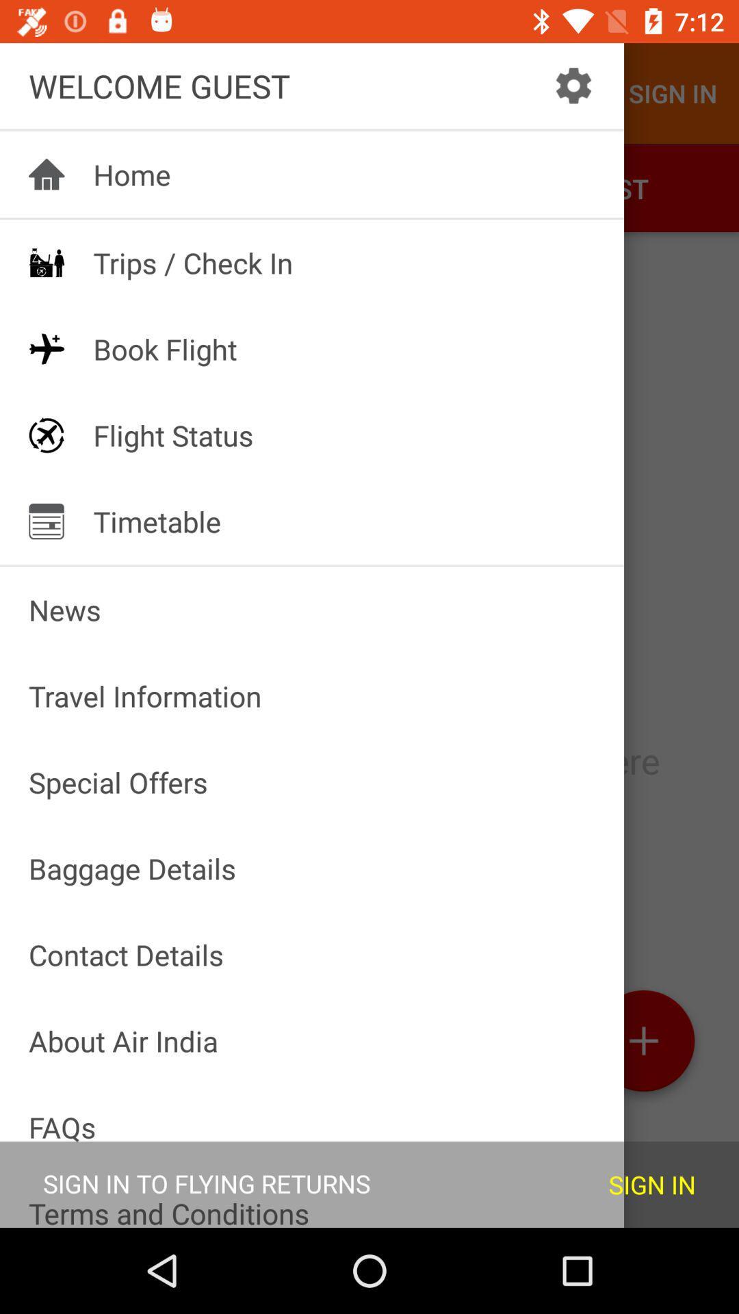 The image size is (739, 1314). Describe the element at coordinates (643, 1045) in the screenshot. I see `the add icon` at that location.